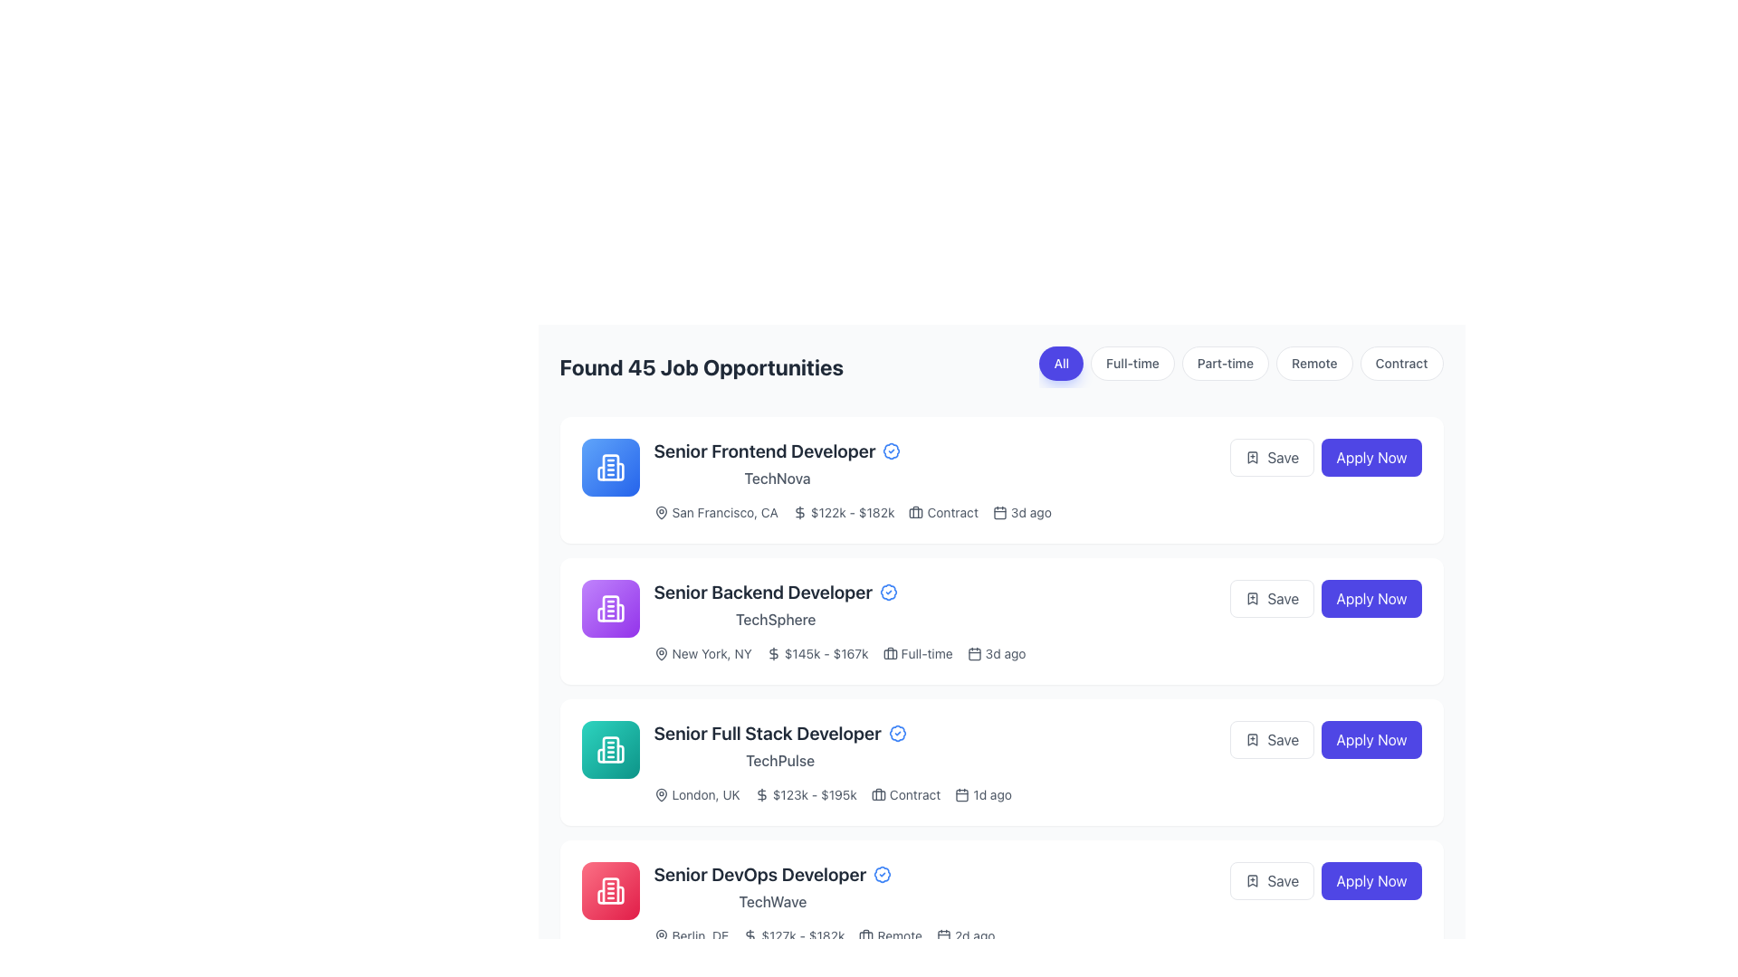  I want to click on the circular badge-like icon next to the job title 'Senior Backend Developer' in the second listed job posting, so click(888, 593).